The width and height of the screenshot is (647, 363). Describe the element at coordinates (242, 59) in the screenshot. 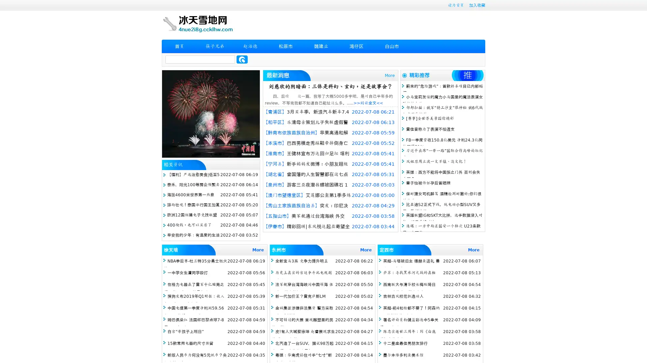

I see `Search` at that location.